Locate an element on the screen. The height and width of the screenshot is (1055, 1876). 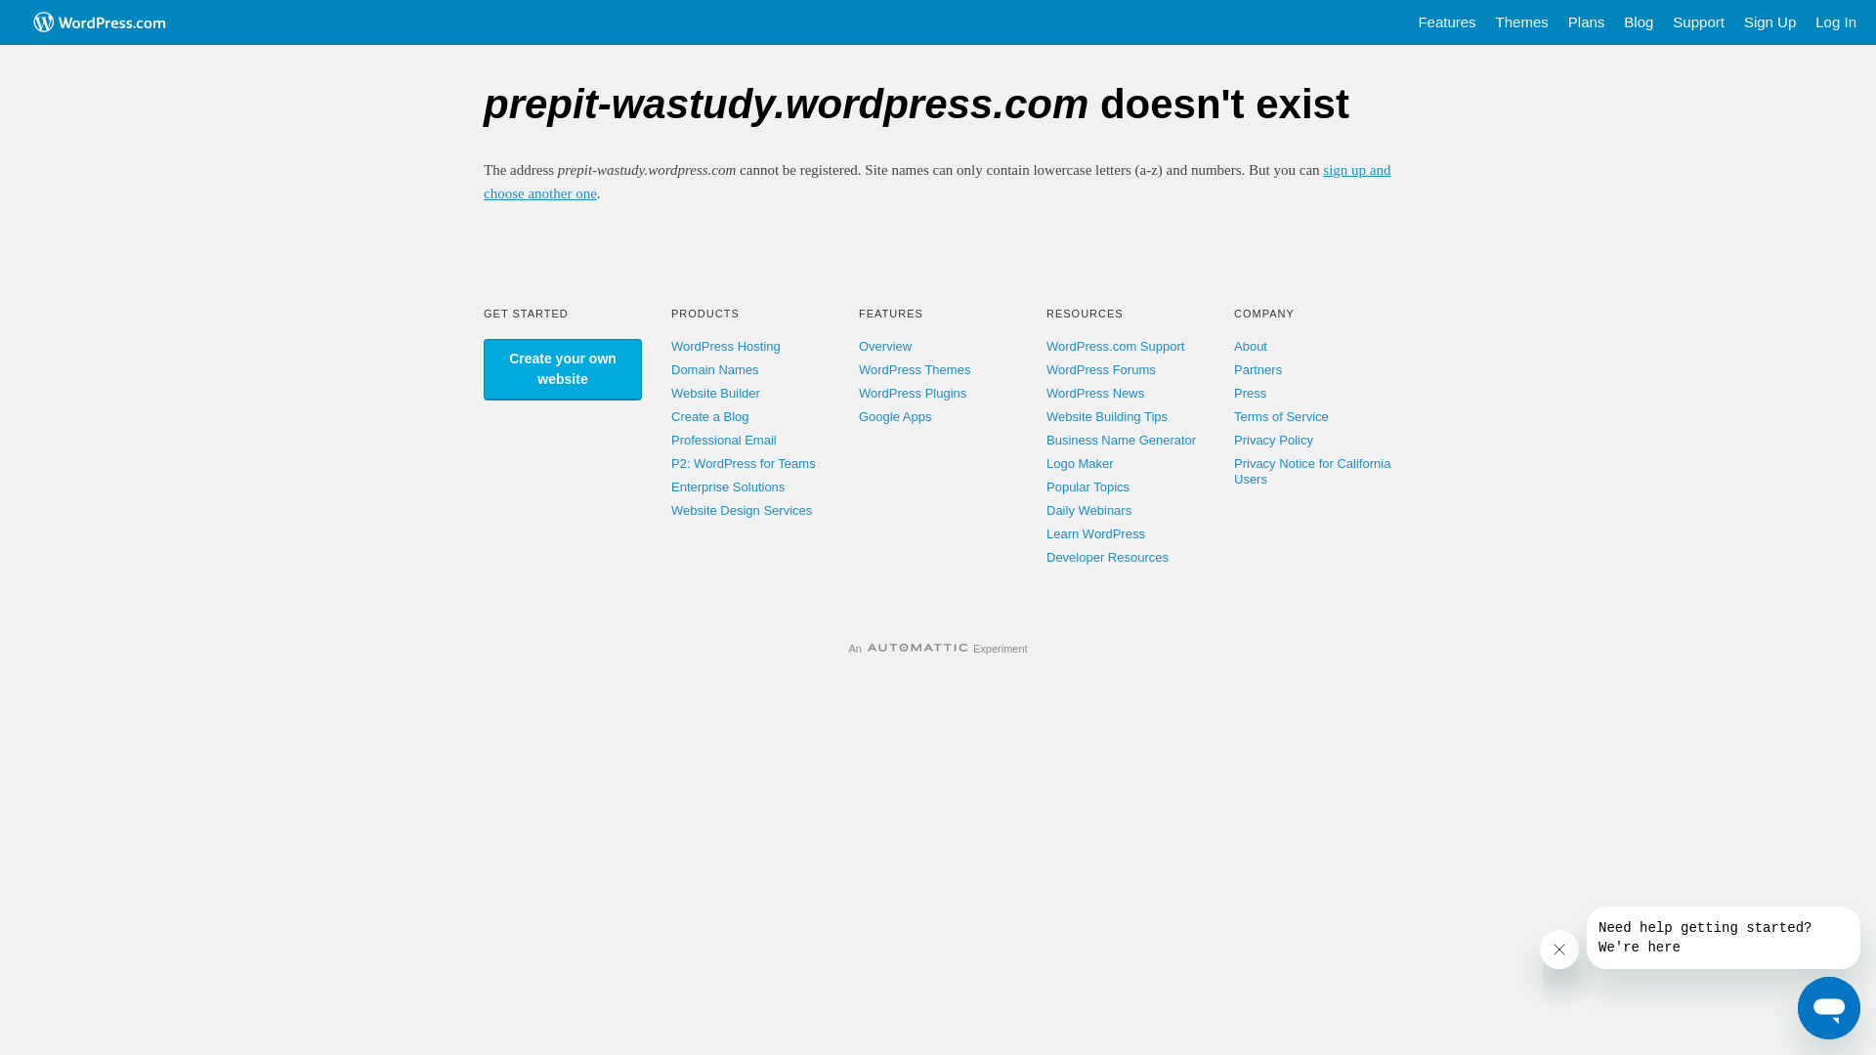
'WordPress News' is located at coordinates (1095, 393).